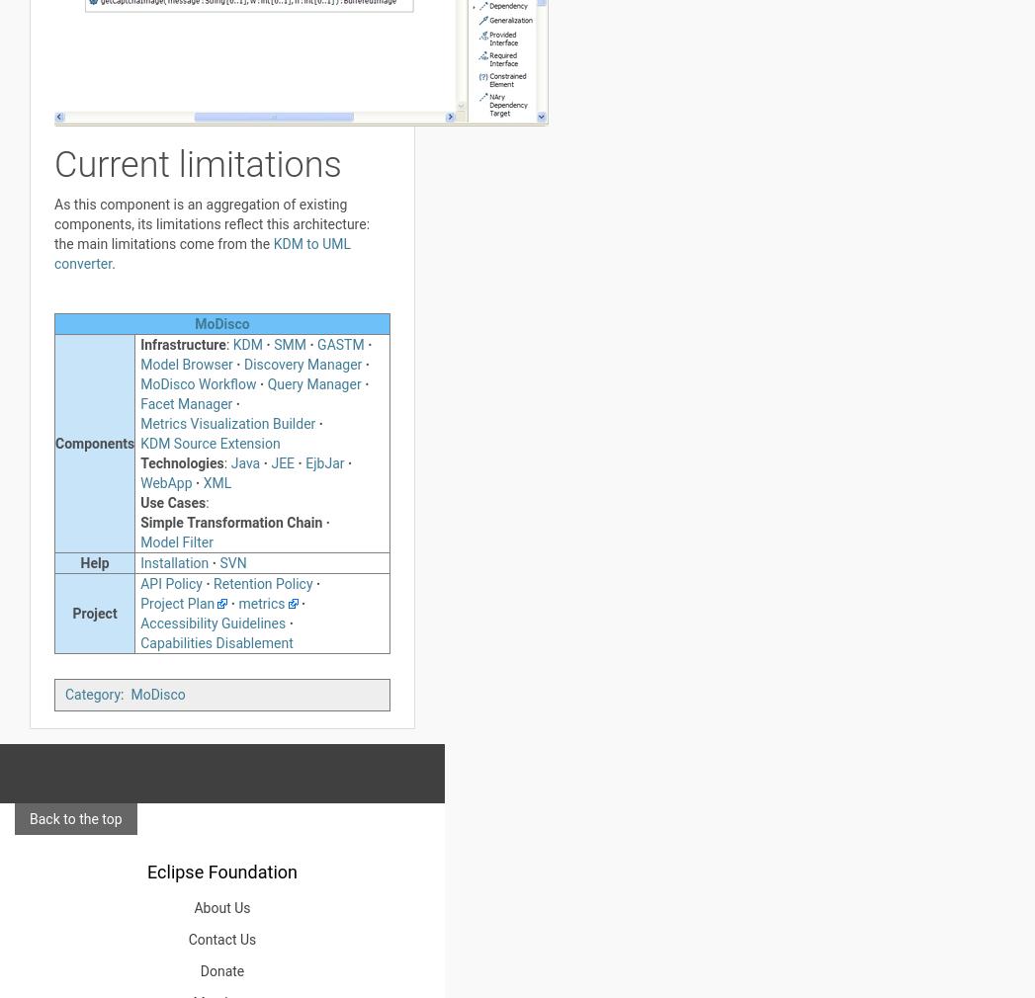  What do you see at coordinates (138, 582) in the screenshot?
I see `'API Policy'` at bounding box center [138, 582].